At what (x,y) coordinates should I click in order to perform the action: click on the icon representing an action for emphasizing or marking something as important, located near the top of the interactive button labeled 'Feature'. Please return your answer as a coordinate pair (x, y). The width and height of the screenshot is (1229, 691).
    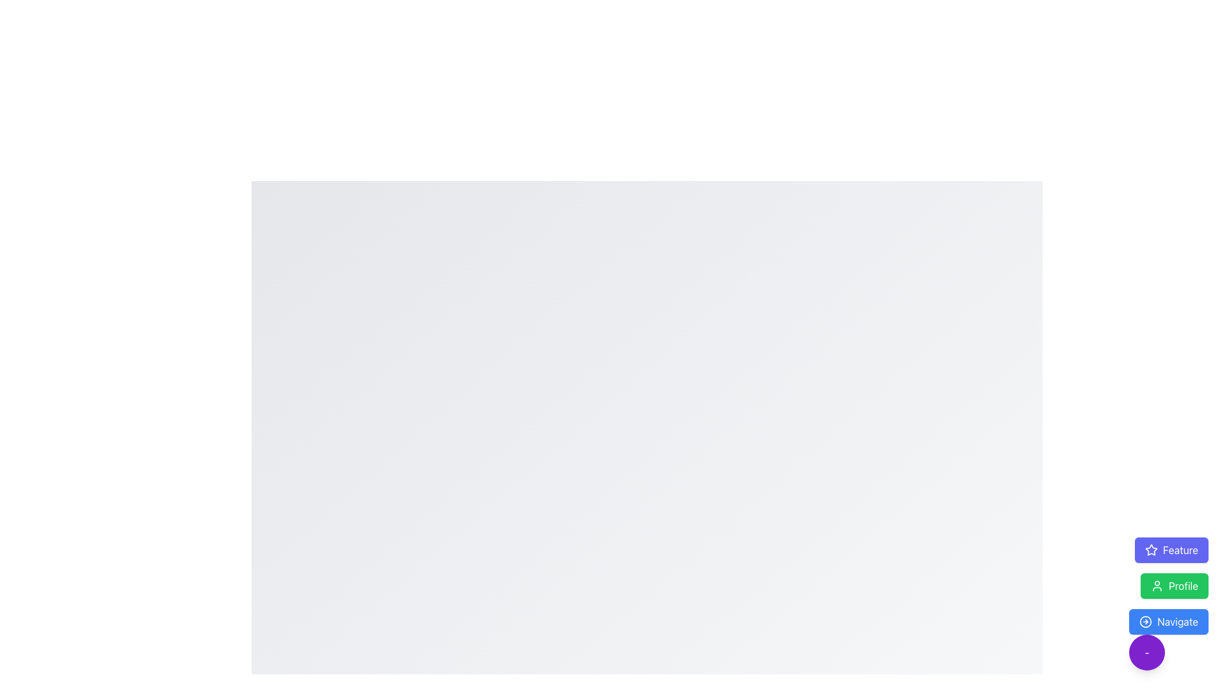
    Looking at the image, I should click on (1151, 549).